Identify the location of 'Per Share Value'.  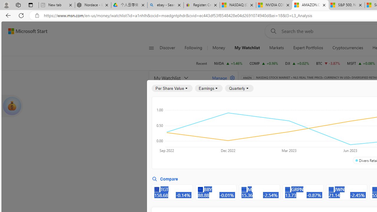
(172, 88).